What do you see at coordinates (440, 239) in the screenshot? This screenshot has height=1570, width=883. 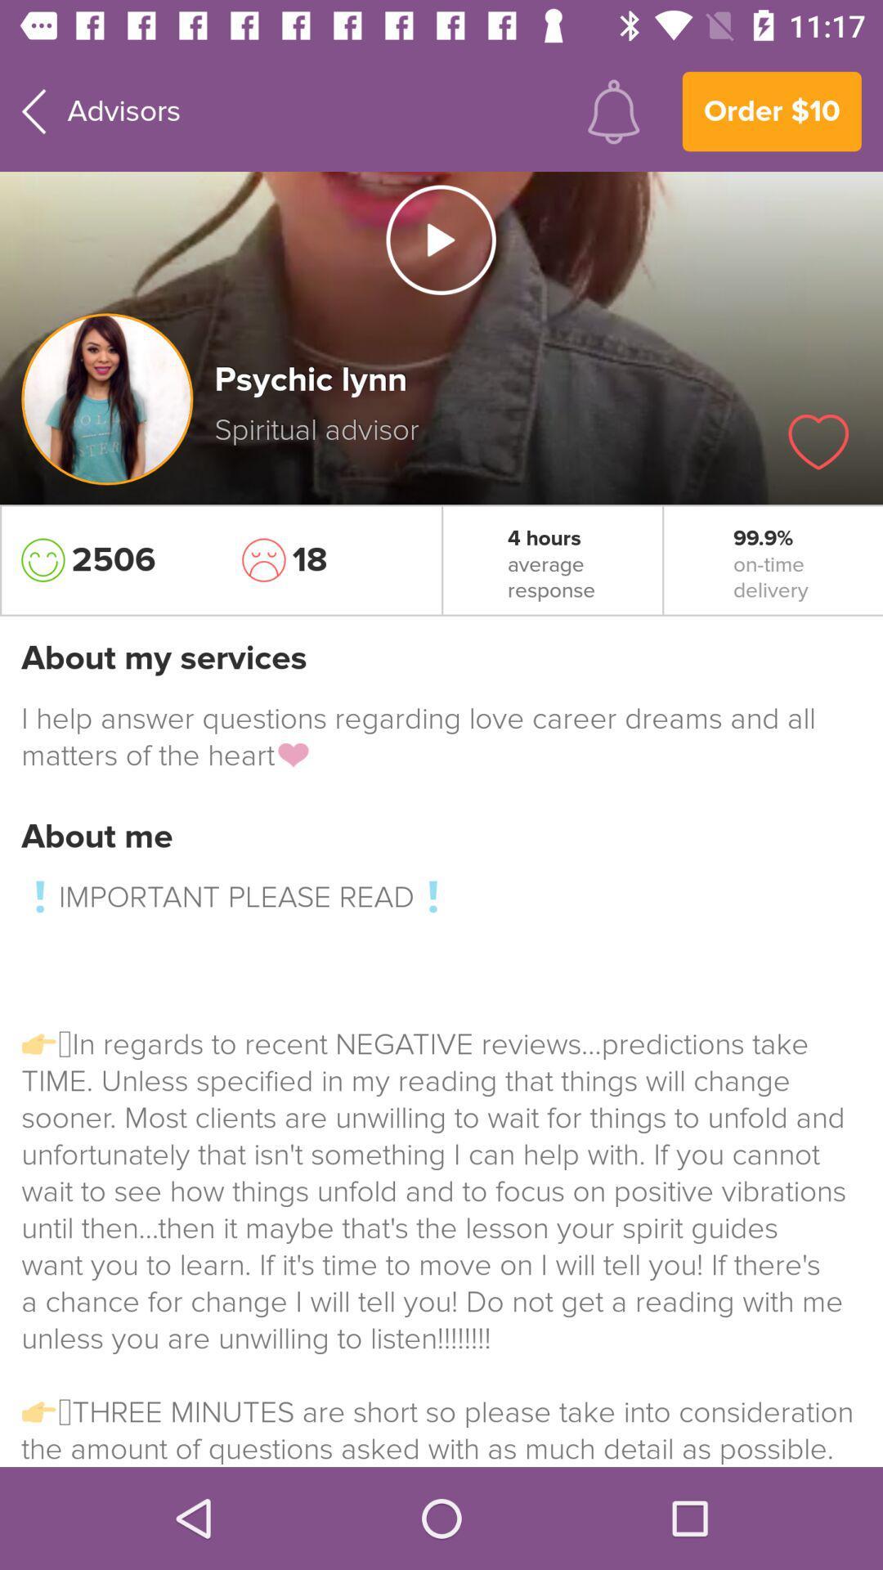 I see `the play icon` at bounding box center [440, 239].